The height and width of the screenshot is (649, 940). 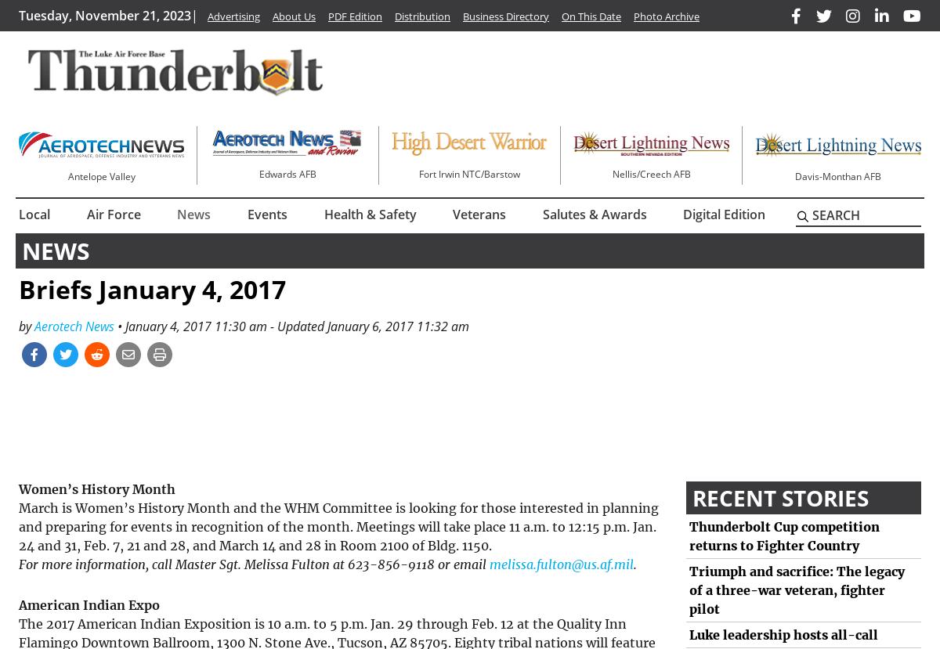 What do you see at coordinates (783, 634) in the screenshot?
I see `'Luke leadership hosts all-call'` at bounding box center [783, 634].